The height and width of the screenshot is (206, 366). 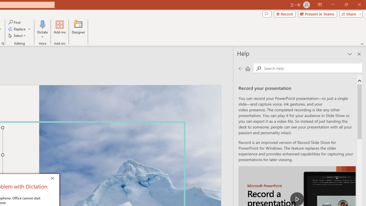 I want to click on 'Dictate', so click(x=42, y=24).